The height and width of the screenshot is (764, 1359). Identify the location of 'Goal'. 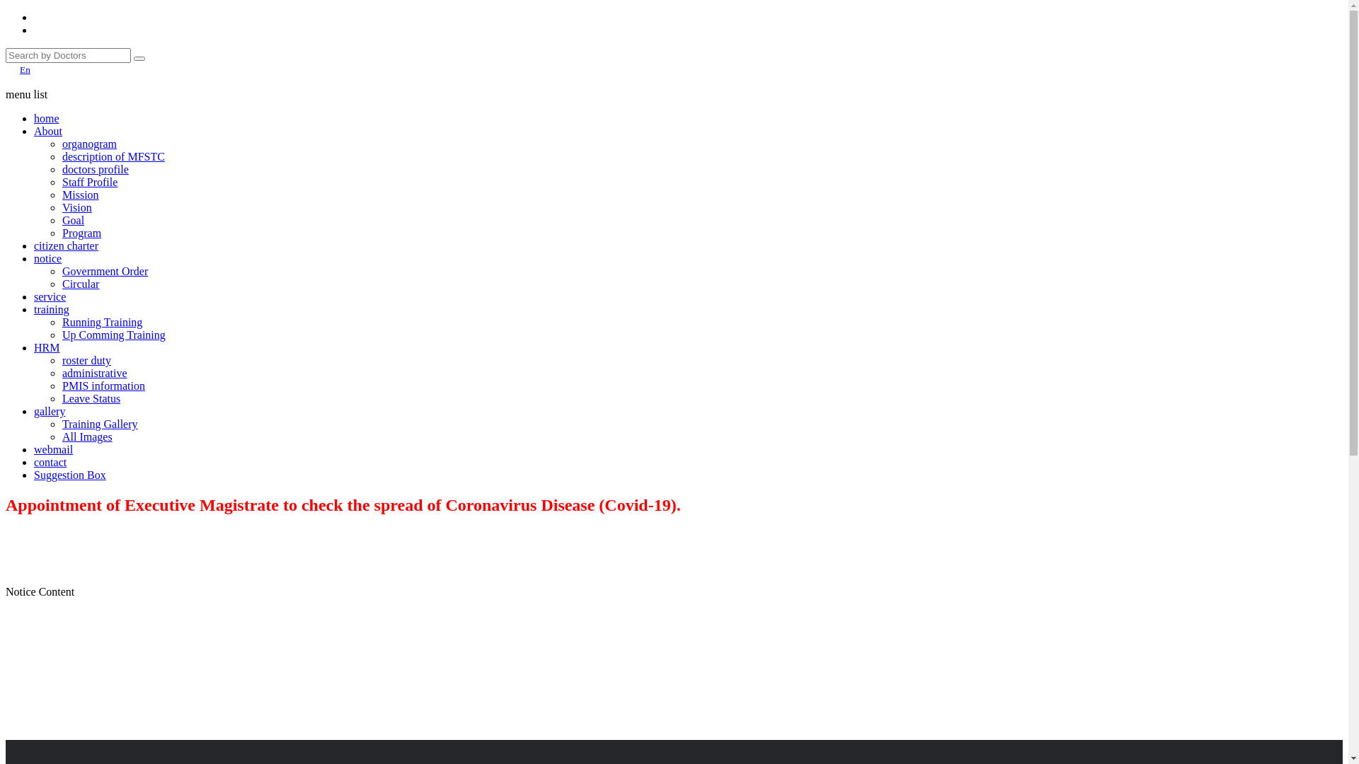
(72, 220).